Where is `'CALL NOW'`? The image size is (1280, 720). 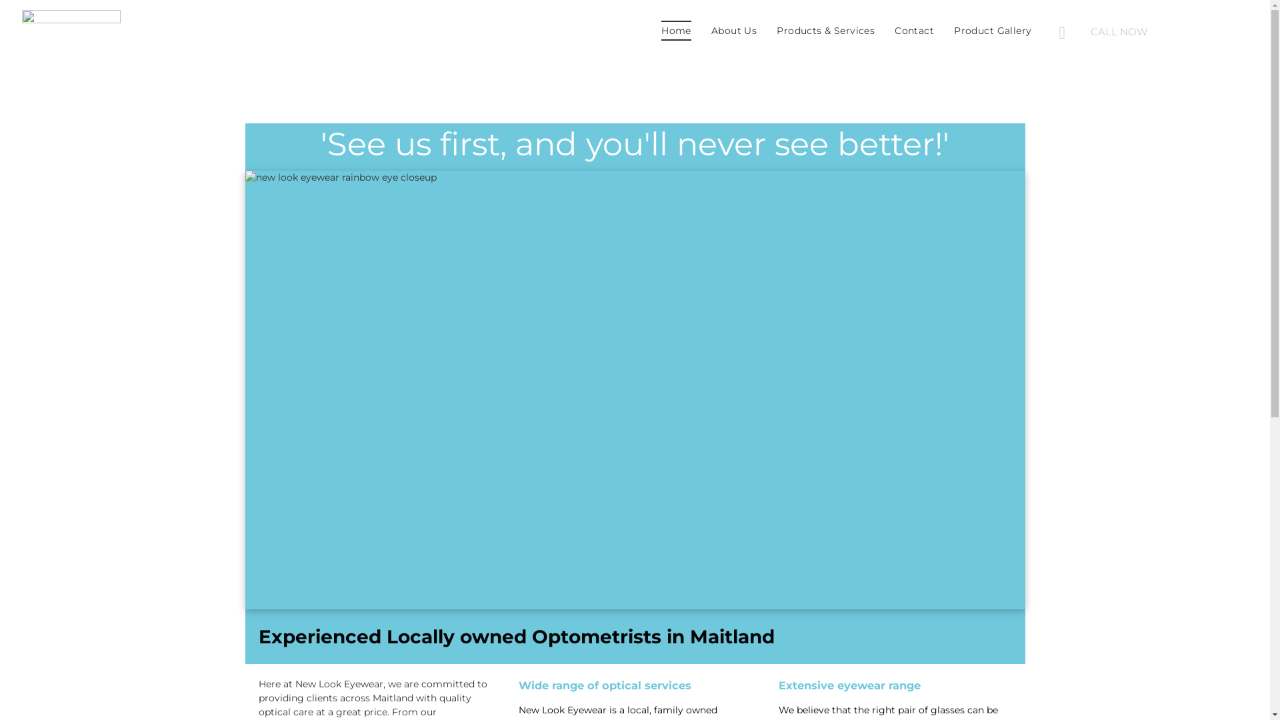 'CALL NOW' is located at coordinates (1154, 31).